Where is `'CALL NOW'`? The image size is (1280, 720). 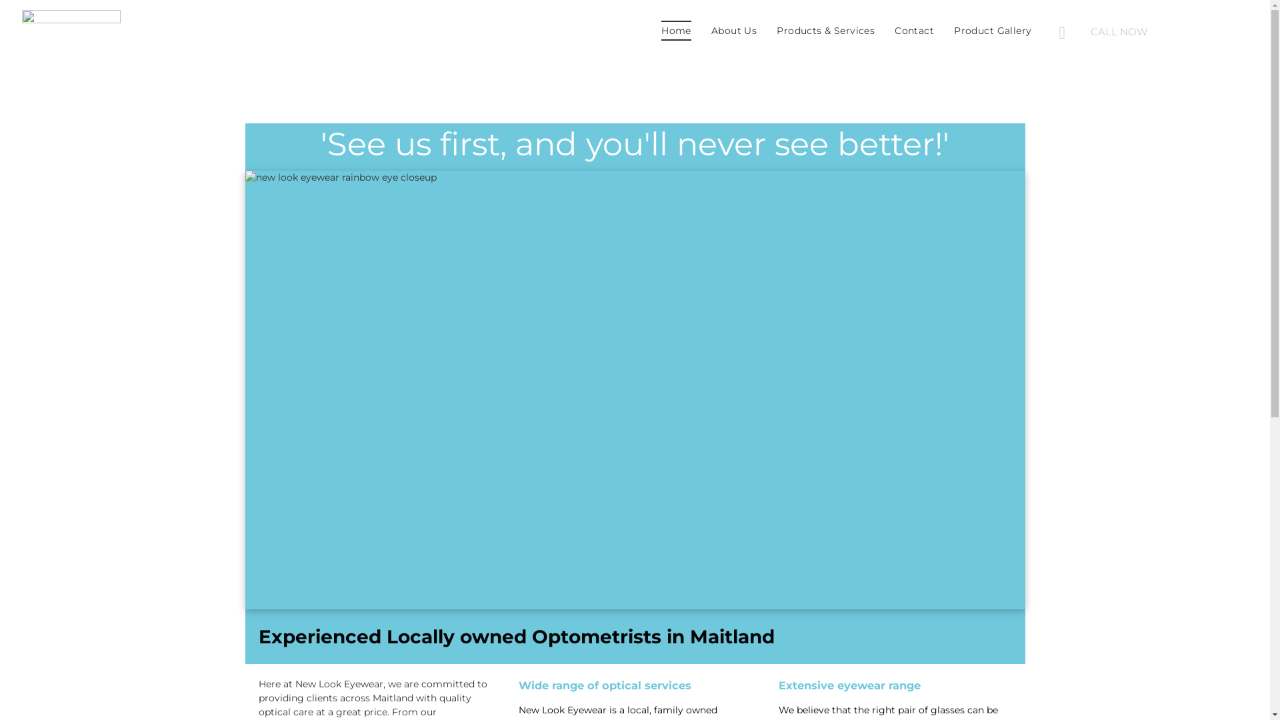 'CALL NOW' is located at coordinates (1154, 31).